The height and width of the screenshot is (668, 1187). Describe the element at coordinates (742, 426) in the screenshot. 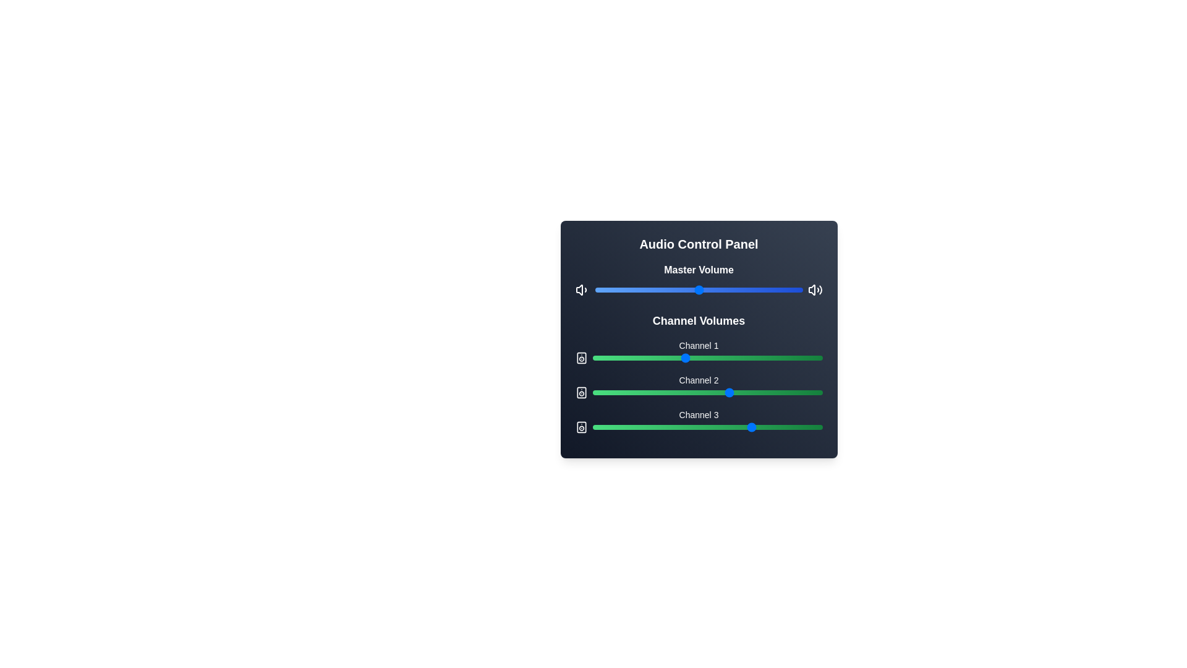

I see `the slider value` at that location.